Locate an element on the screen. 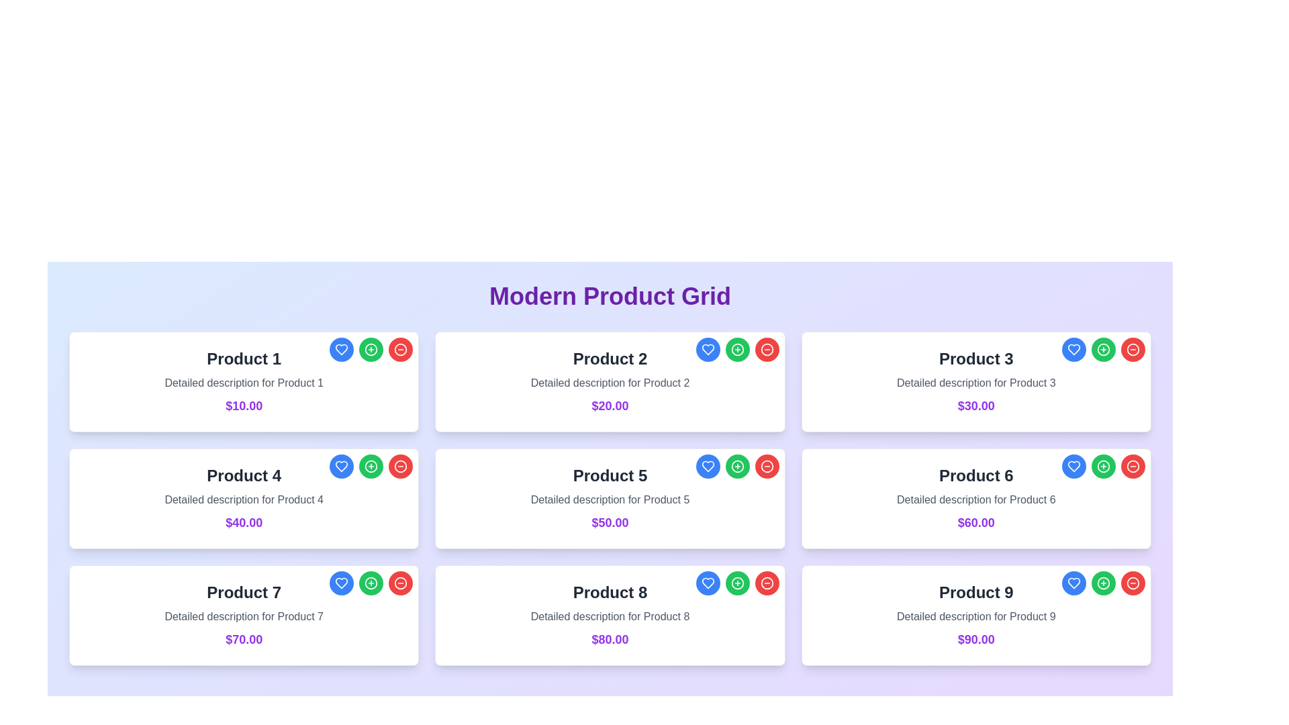  the icon button with an add action located in the card titled 'Product 2' at the top-right corner is located at coordinates (736, 348).